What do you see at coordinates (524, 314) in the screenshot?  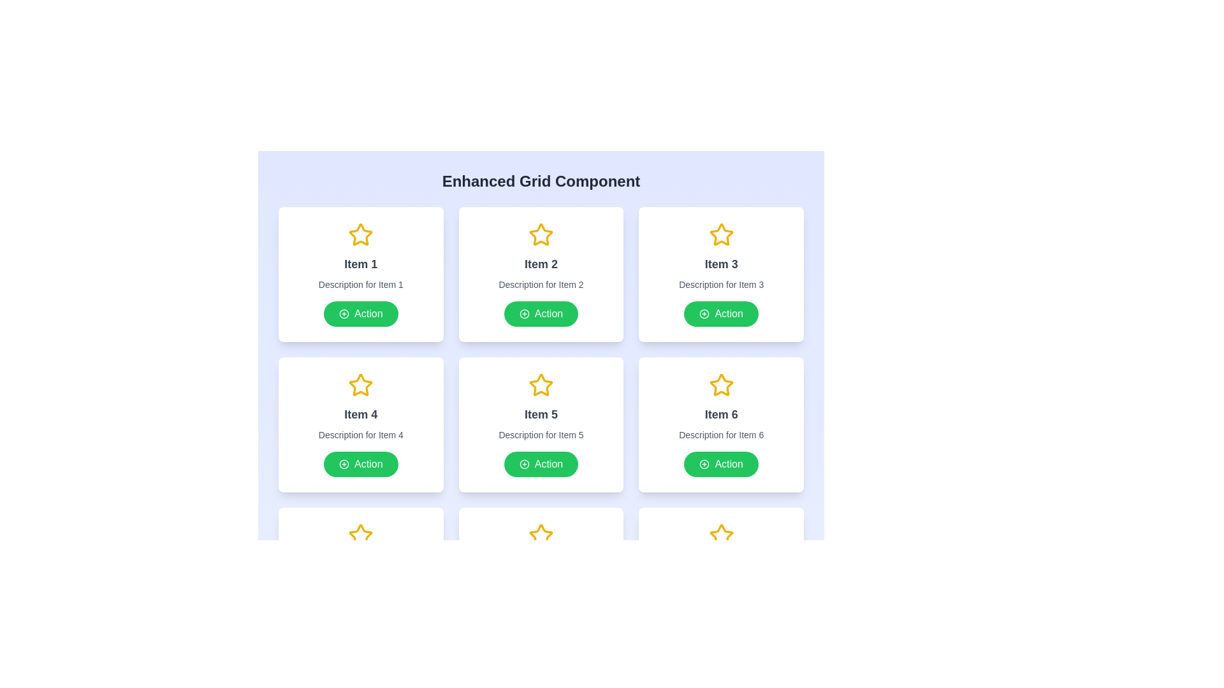 I see `the add action icon located in the center of the 'Action' button in the second card labeled 'Item 2' in the grid layout` at bounding box center [524, 314].